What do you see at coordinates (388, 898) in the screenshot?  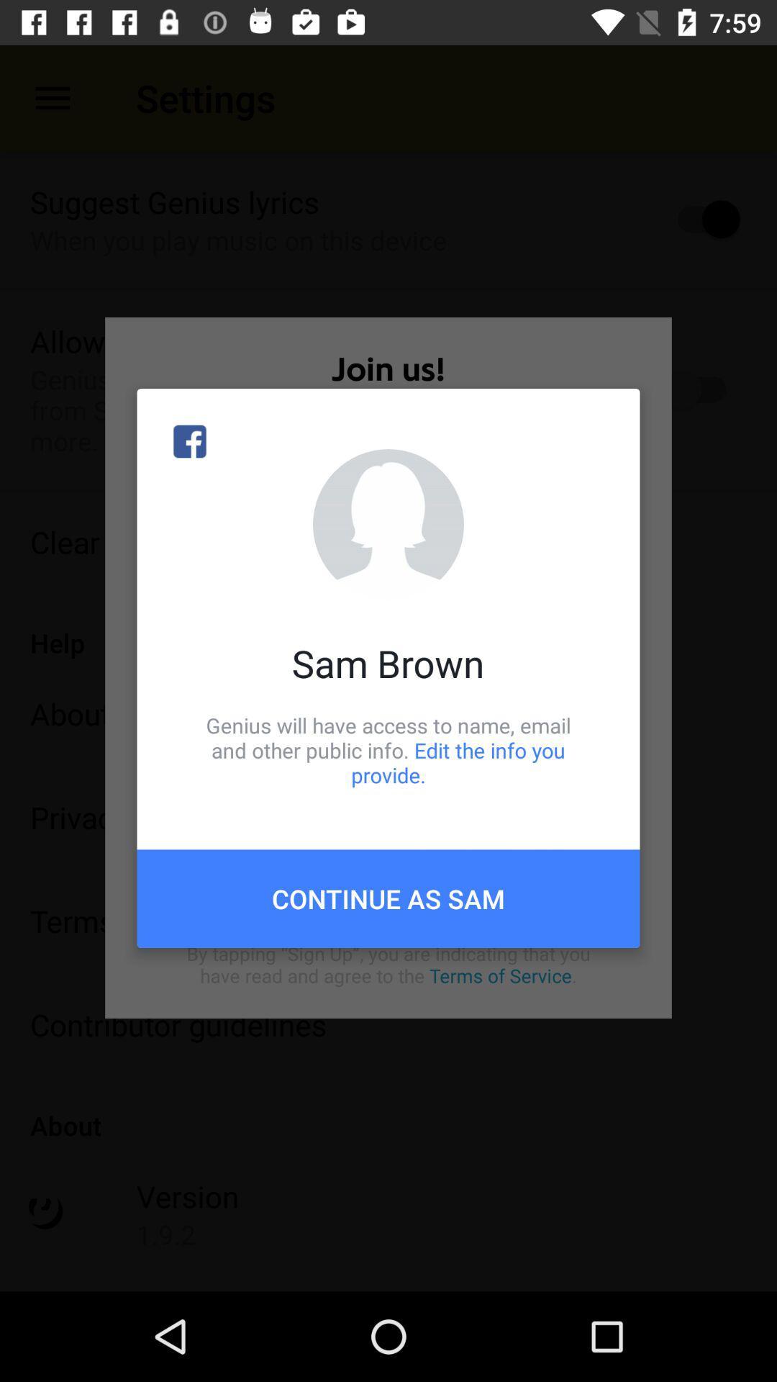 I see `the continue as sam item` at bounding box center [388, 898].